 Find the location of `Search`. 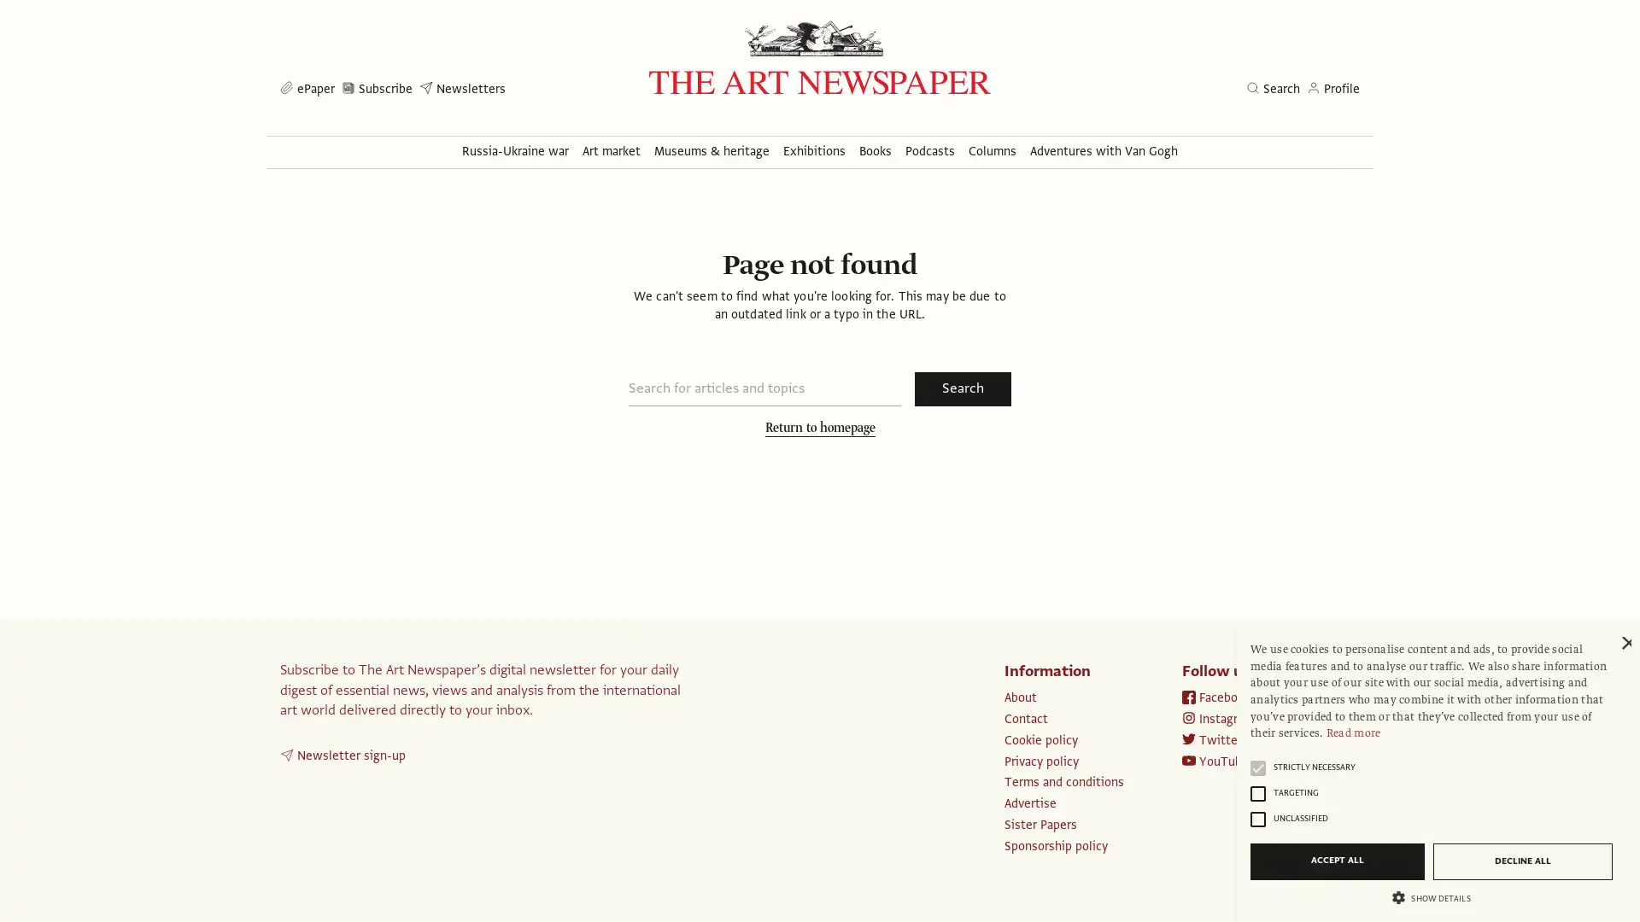

Search is located at coordinates (963, 388).